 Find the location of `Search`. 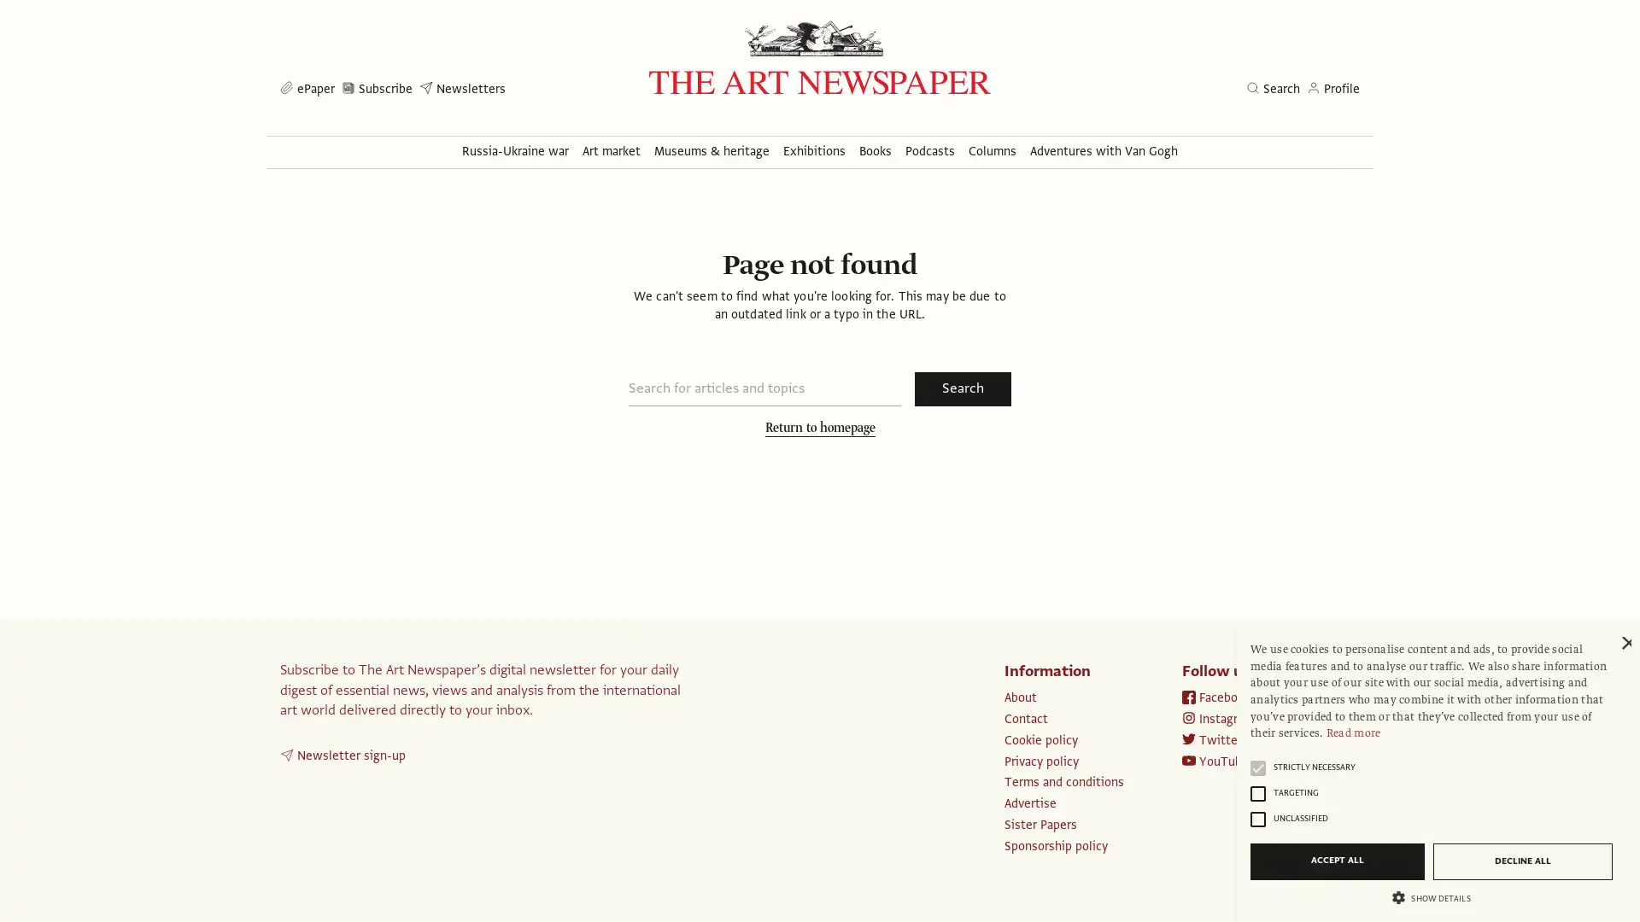

Search is located at coordinates (963, 388).